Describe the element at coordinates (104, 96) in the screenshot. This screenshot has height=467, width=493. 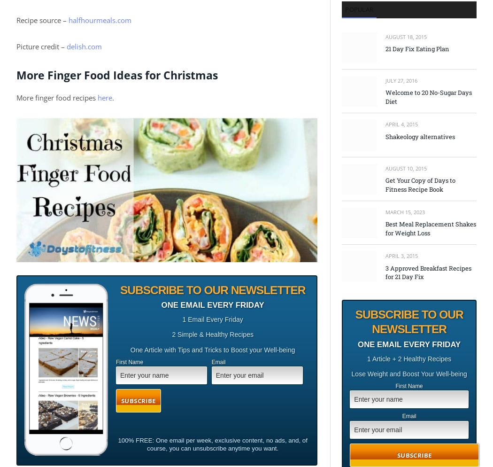
I see `'here'` at that location.